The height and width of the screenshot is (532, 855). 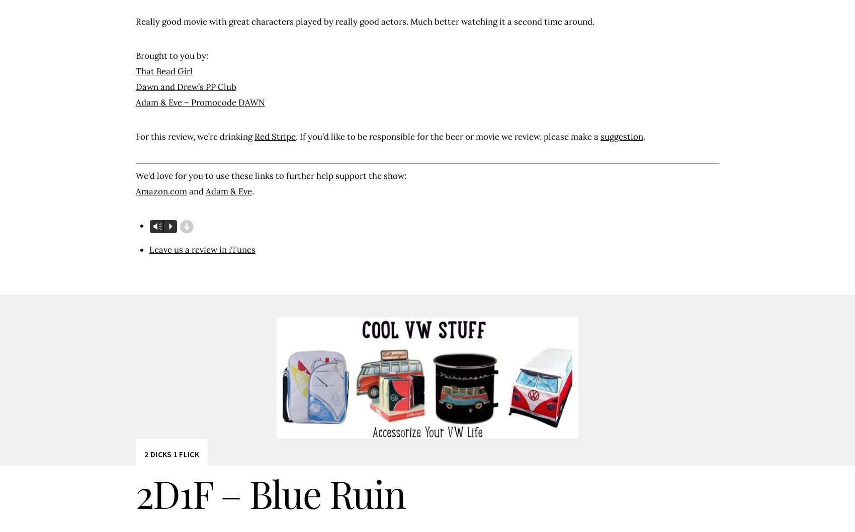 I want to click on 'Leave us a review in iTunes', so click(x=201, y=249).